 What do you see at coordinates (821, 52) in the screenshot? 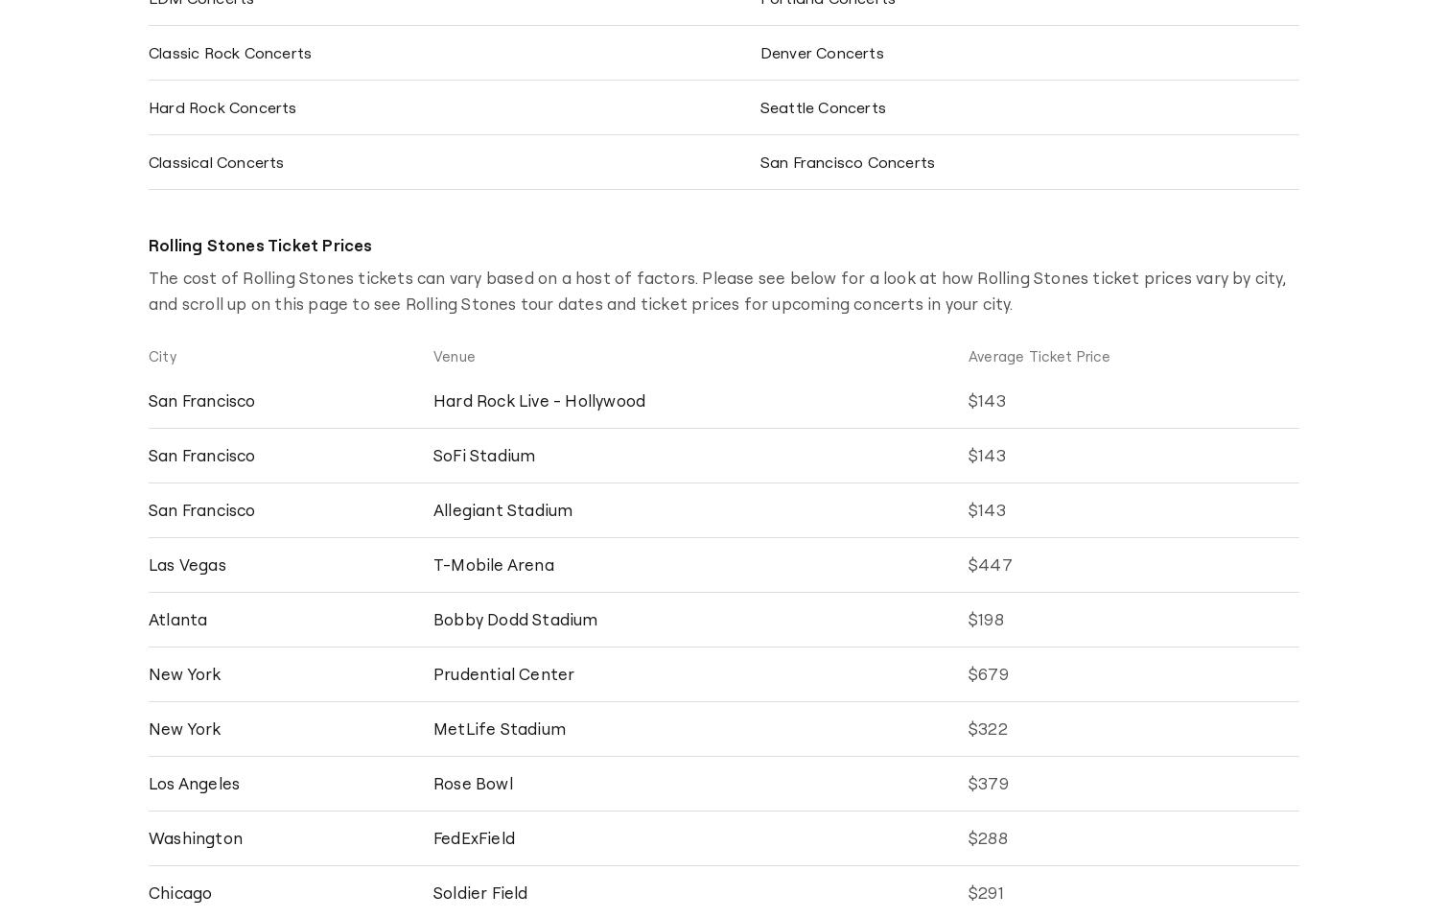
I see `'Denver Concerts'` at bounding box center [821, 52].